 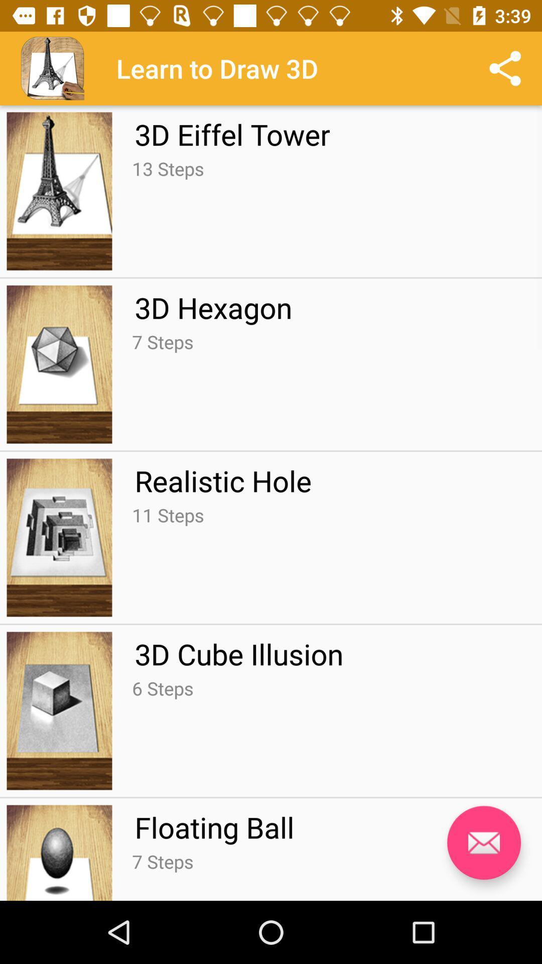 I want to click on the 3d cube illusion app, so click(x=239, y=654).